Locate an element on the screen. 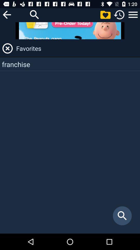  menu button is located at coordinates (133, 14).